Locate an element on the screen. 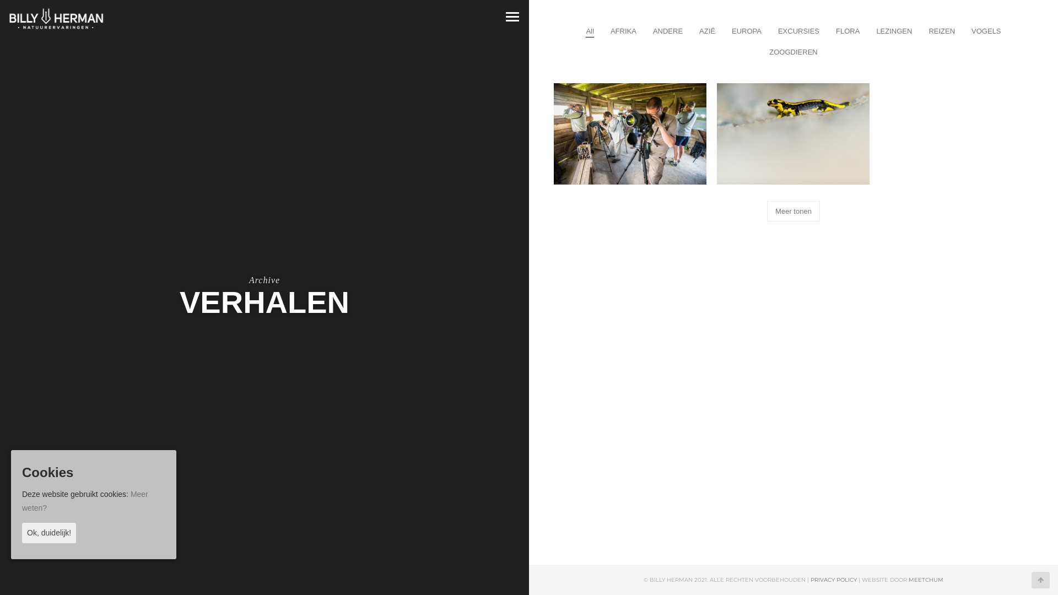  'EUROPA' is located at coordinates (746, 30).